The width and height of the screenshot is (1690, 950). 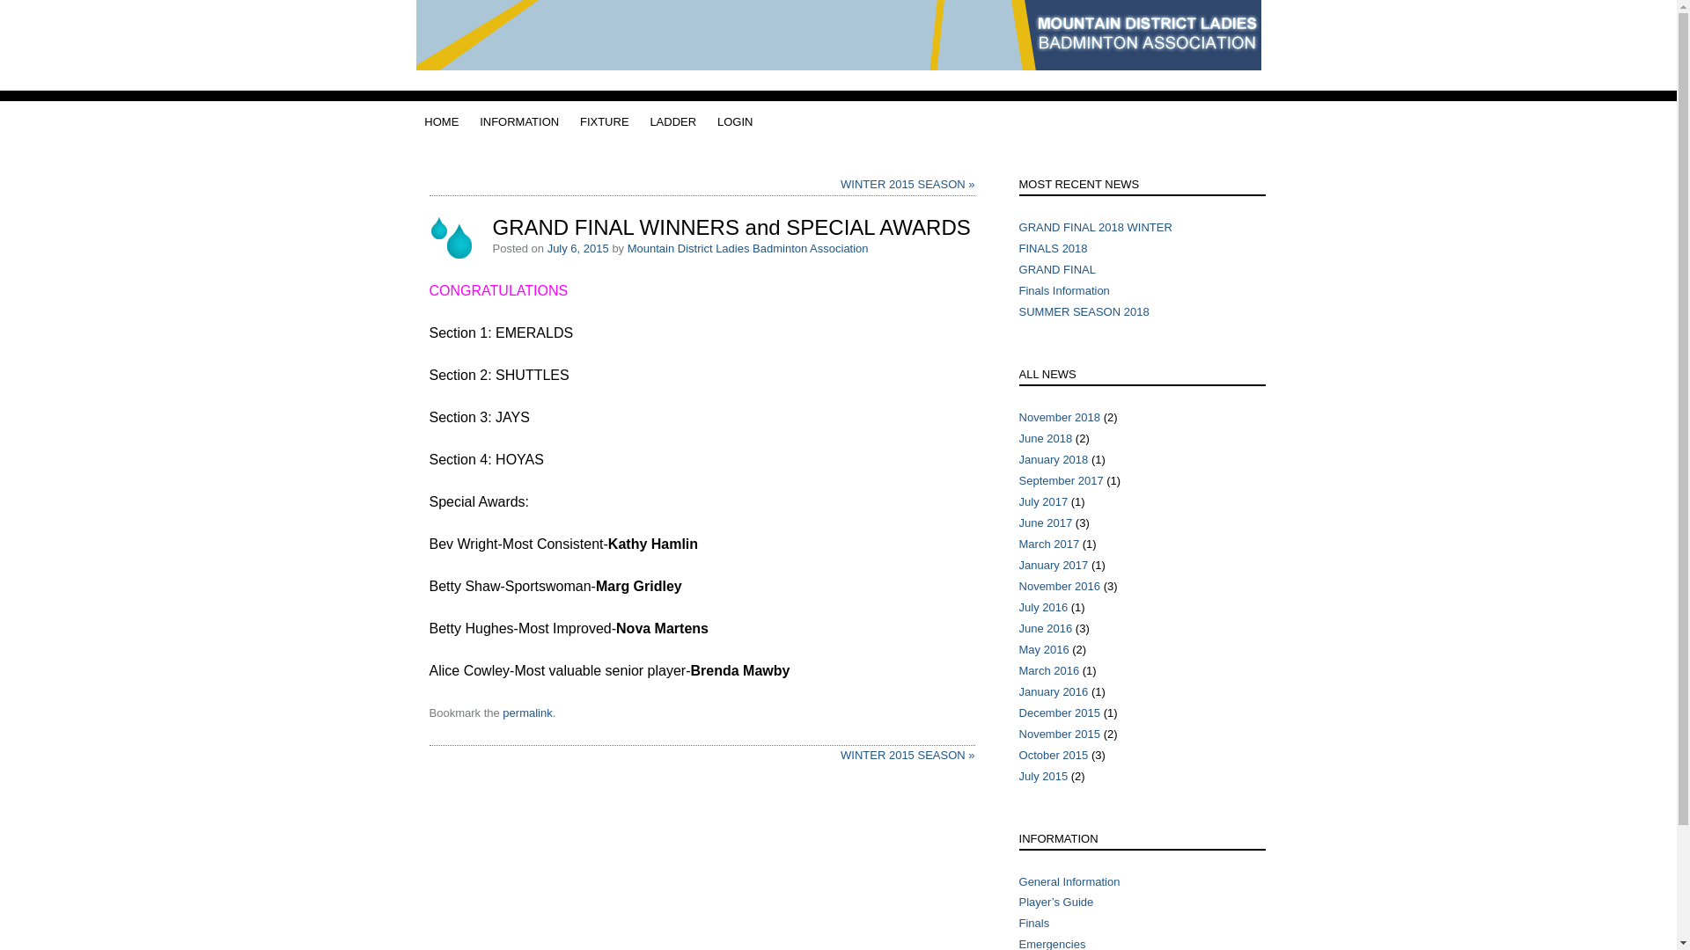 What do you see at coordinates (1056, 269) in the screenshot?
I see `'GRAND FINAL'` at bounding box center [1056, 269].